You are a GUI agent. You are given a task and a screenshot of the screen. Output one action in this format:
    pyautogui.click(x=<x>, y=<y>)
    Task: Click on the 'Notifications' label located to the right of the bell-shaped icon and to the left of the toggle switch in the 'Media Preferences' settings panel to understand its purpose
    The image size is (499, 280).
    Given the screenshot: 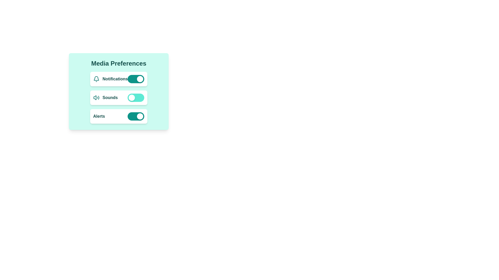 What is the action you would take?
    pyautogui.click(x=115, y=79)
    